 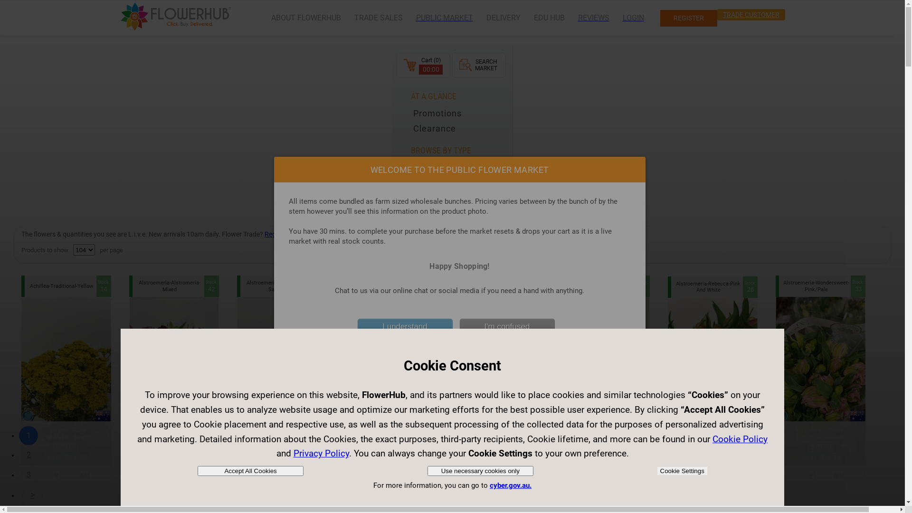 I want to click on 'Cookie Policy', so click(x=740, y=439).